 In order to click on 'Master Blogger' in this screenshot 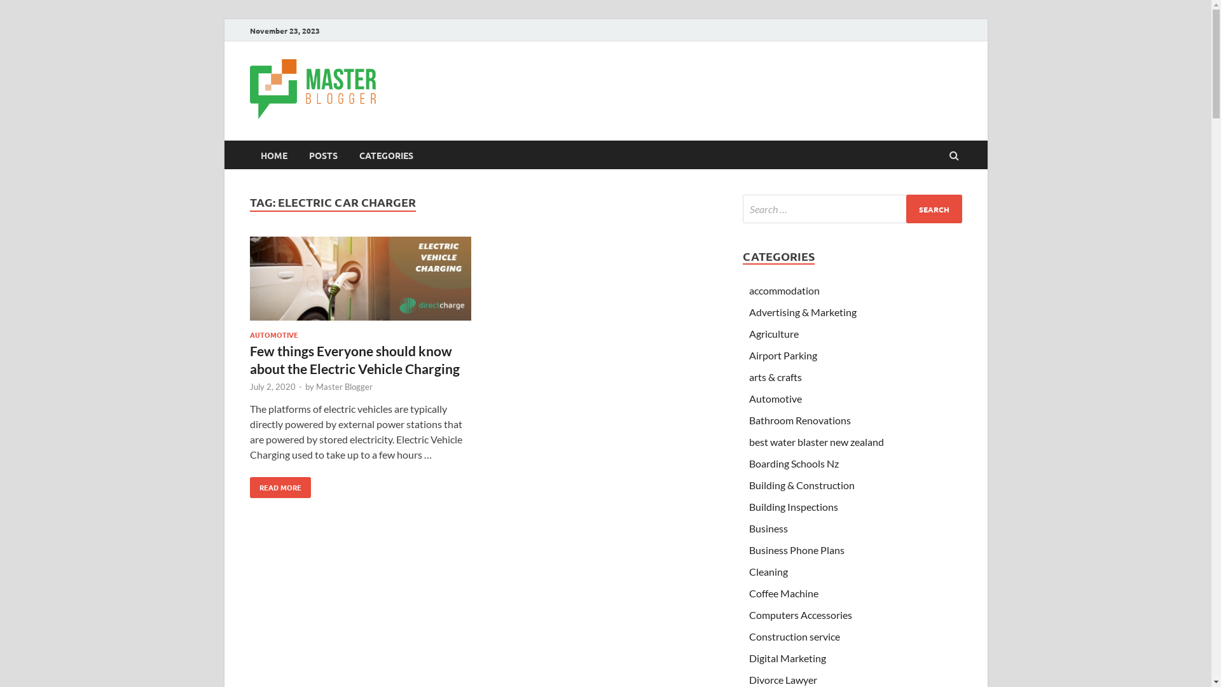, I will do `click(343, 386)`.